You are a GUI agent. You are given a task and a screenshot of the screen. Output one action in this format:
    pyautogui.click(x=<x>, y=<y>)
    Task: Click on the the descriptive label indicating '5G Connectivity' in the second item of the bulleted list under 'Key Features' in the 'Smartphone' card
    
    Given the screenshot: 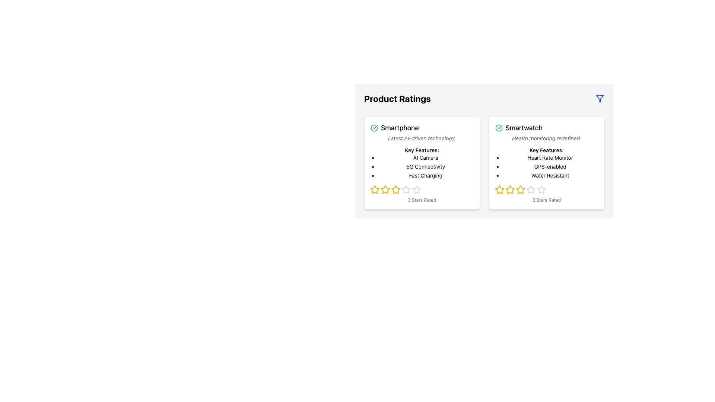 What is the action you would take?
    pyautogui.click(x=426, y=166)
    